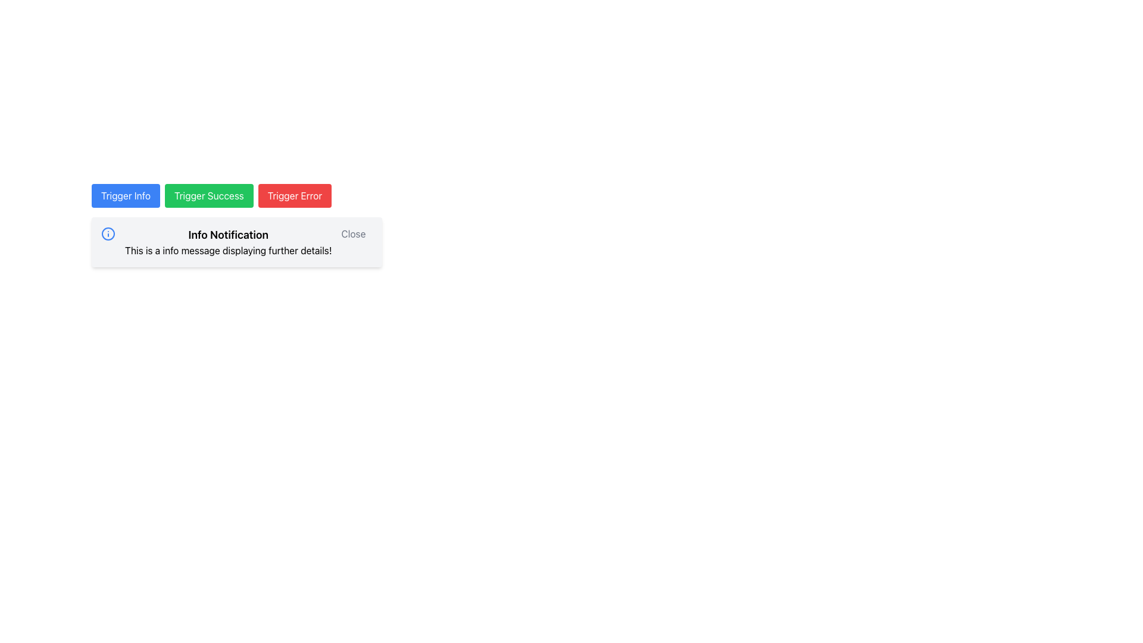  What do you see at coordinates (237, 195) in the screenshot?
I see `the green rectangular button labeled 'Trigger Success'` at bounding box center [237, 195].